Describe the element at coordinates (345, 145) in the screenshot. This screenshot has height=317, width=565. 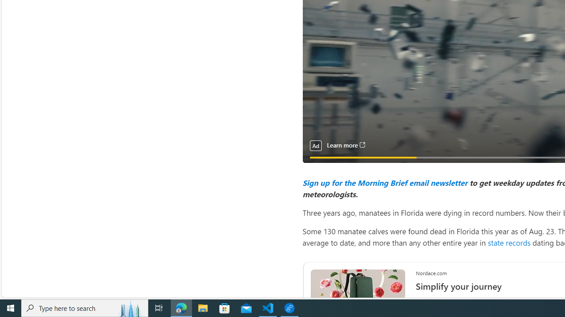
I see `'Learn more'` at that location.